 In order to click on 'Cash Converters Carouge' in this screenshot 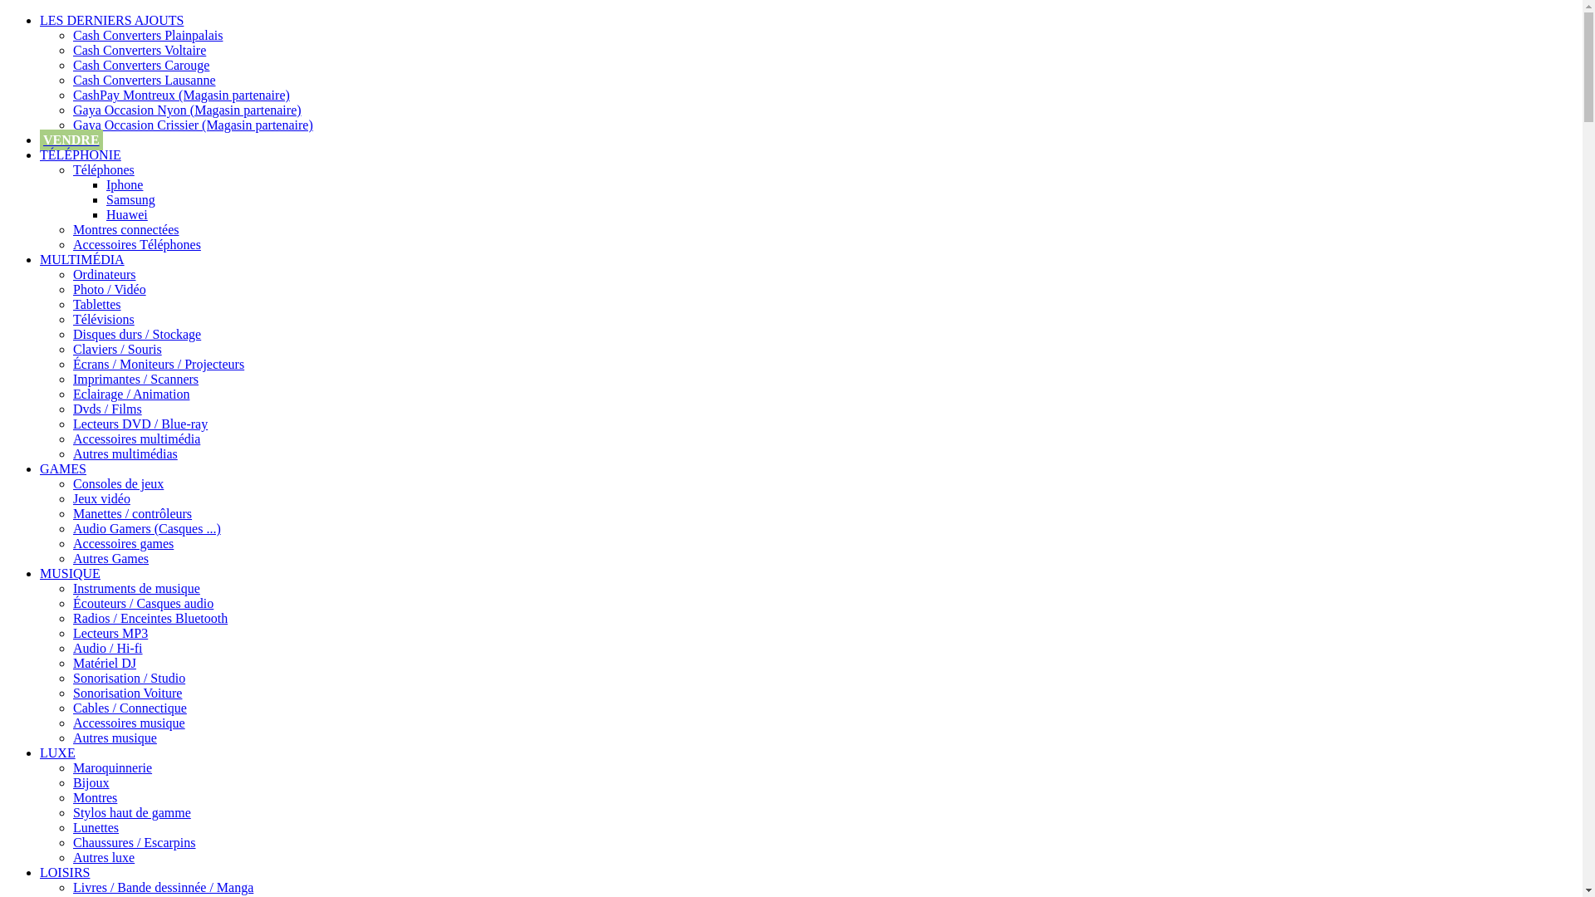, I will do `click(140, 64)`.